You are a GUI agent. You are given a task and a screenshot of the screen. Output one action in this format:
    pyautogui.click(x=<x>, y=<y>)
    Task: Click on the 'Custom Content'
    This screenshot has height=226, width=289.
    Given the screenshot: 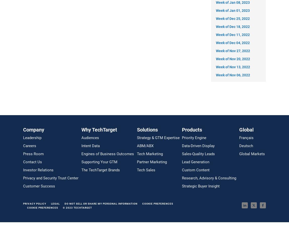 What is the action you would take?
    pyautogui.click(x=196, y=170)
    